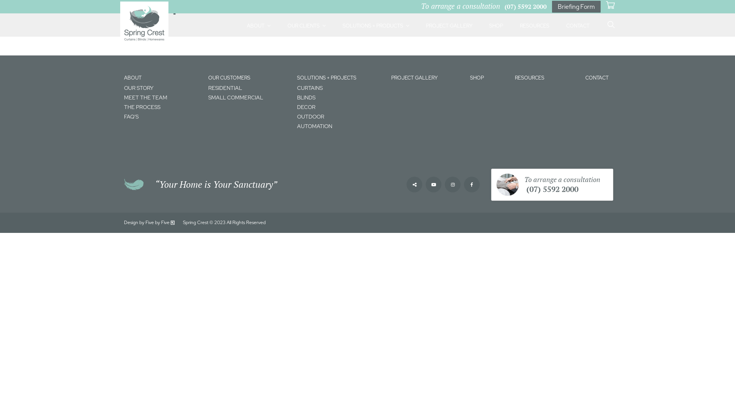 This screenshot has width=735, height=413. What do you see at coordinates (150, 223) in the screenshot?
I see `'Design by Five by Five'` at bounding box center [150, 223].